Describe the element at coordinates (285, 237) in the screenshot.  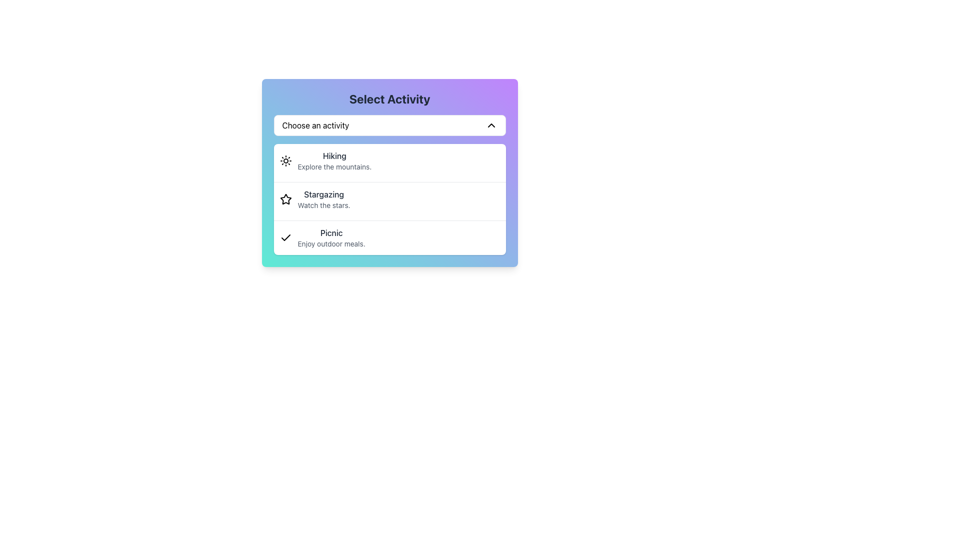
I see `the 'Picnic' selection indicator icon in the third list item of the 'Select Activity' menu` at that location.